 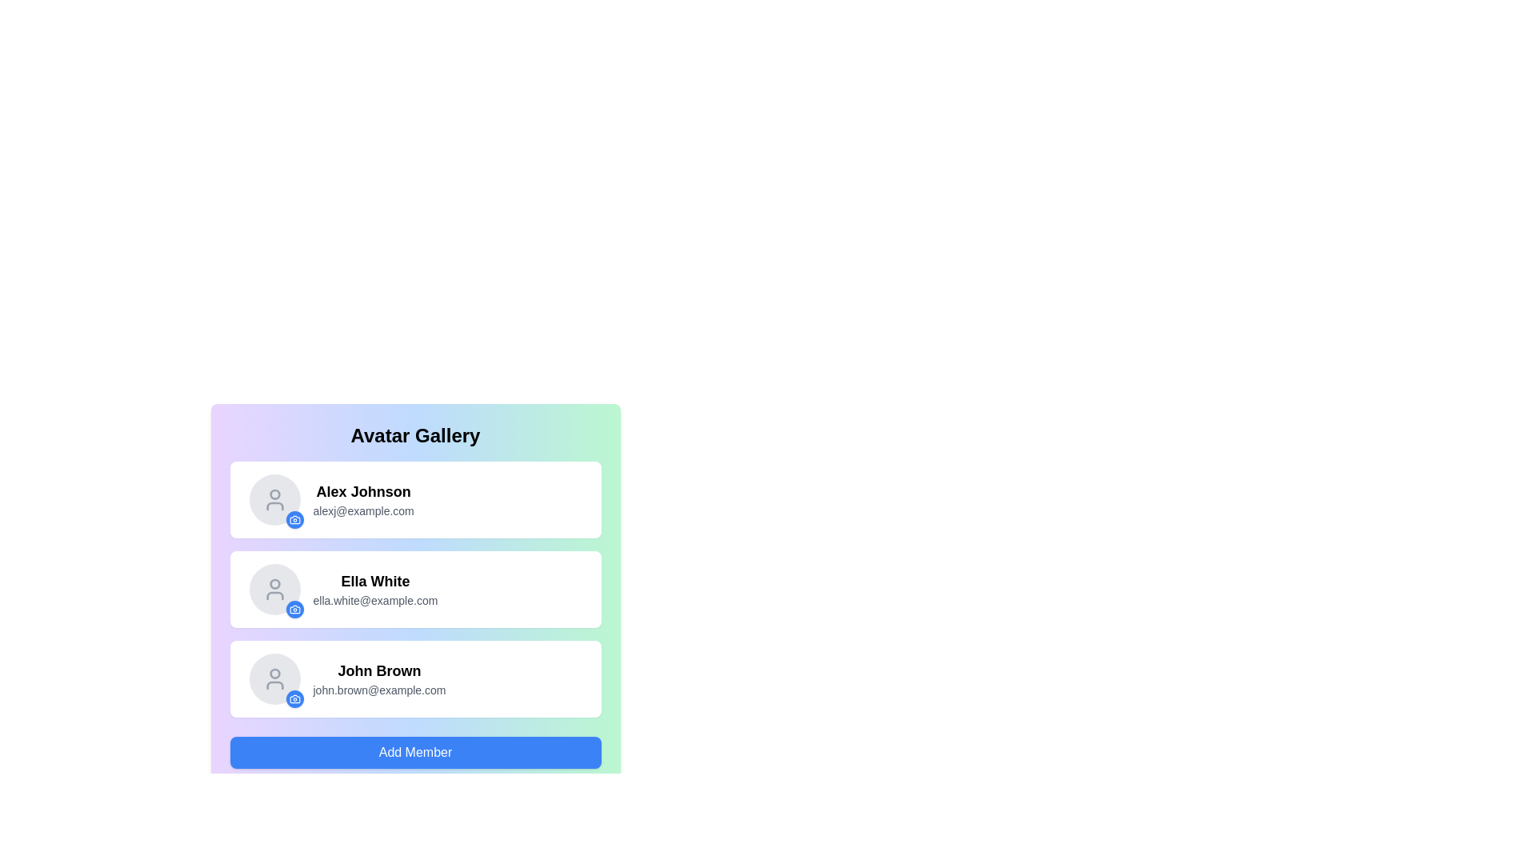 What do you see at coordinates (294, 610) in the screenshot?
I see `the button located at the bottom-right corner of the second circular avatar area representing the user Ella White` at bounding box center [294, 610].